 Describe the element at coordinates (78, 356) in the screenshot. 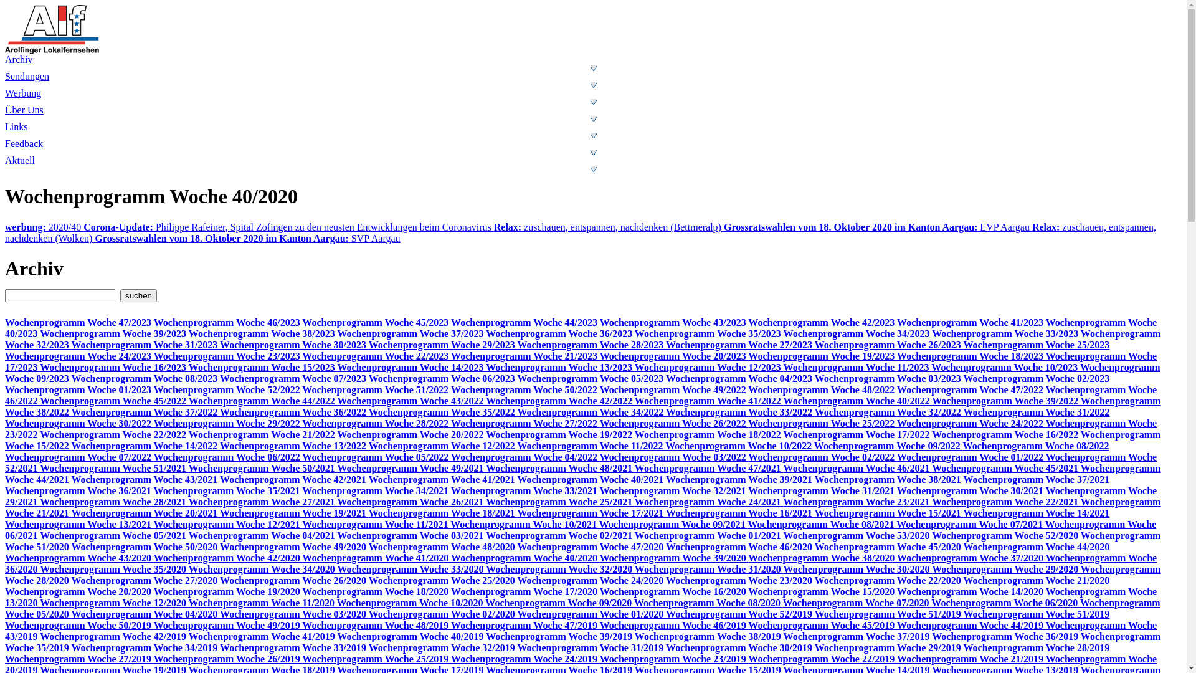

I see `'Wochenprogramm Woche 24/2023'` at that location.